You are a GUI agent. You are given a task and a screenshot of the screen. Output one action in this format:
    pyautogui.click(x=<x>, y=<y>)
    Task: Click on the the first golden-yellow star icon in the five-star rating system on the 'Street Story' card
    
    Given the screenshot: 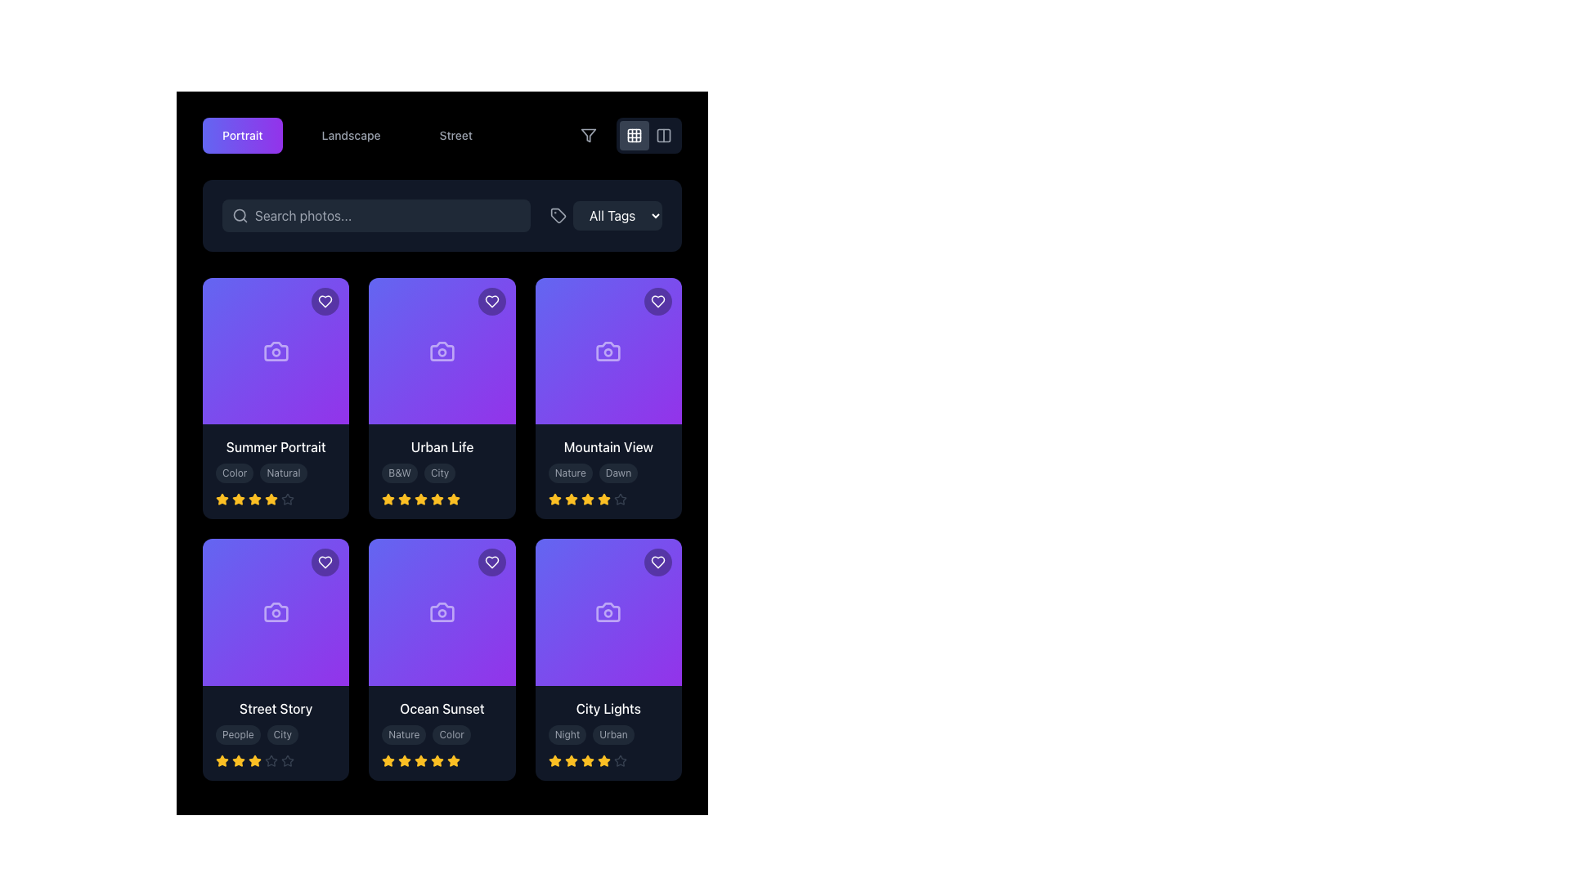 What is the action you would take?
    pyautogui.click(x=222, y=760)
    